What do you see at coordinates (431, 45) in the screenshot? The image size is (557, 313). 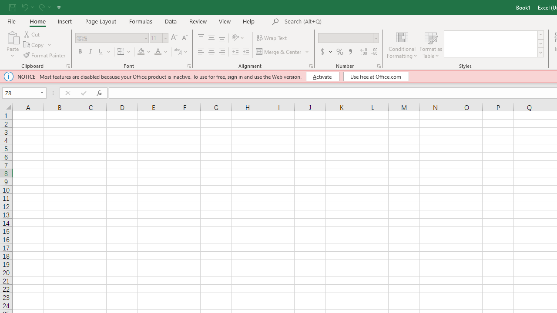 I see `'Format as Table'` at bounding box center [431, 45].